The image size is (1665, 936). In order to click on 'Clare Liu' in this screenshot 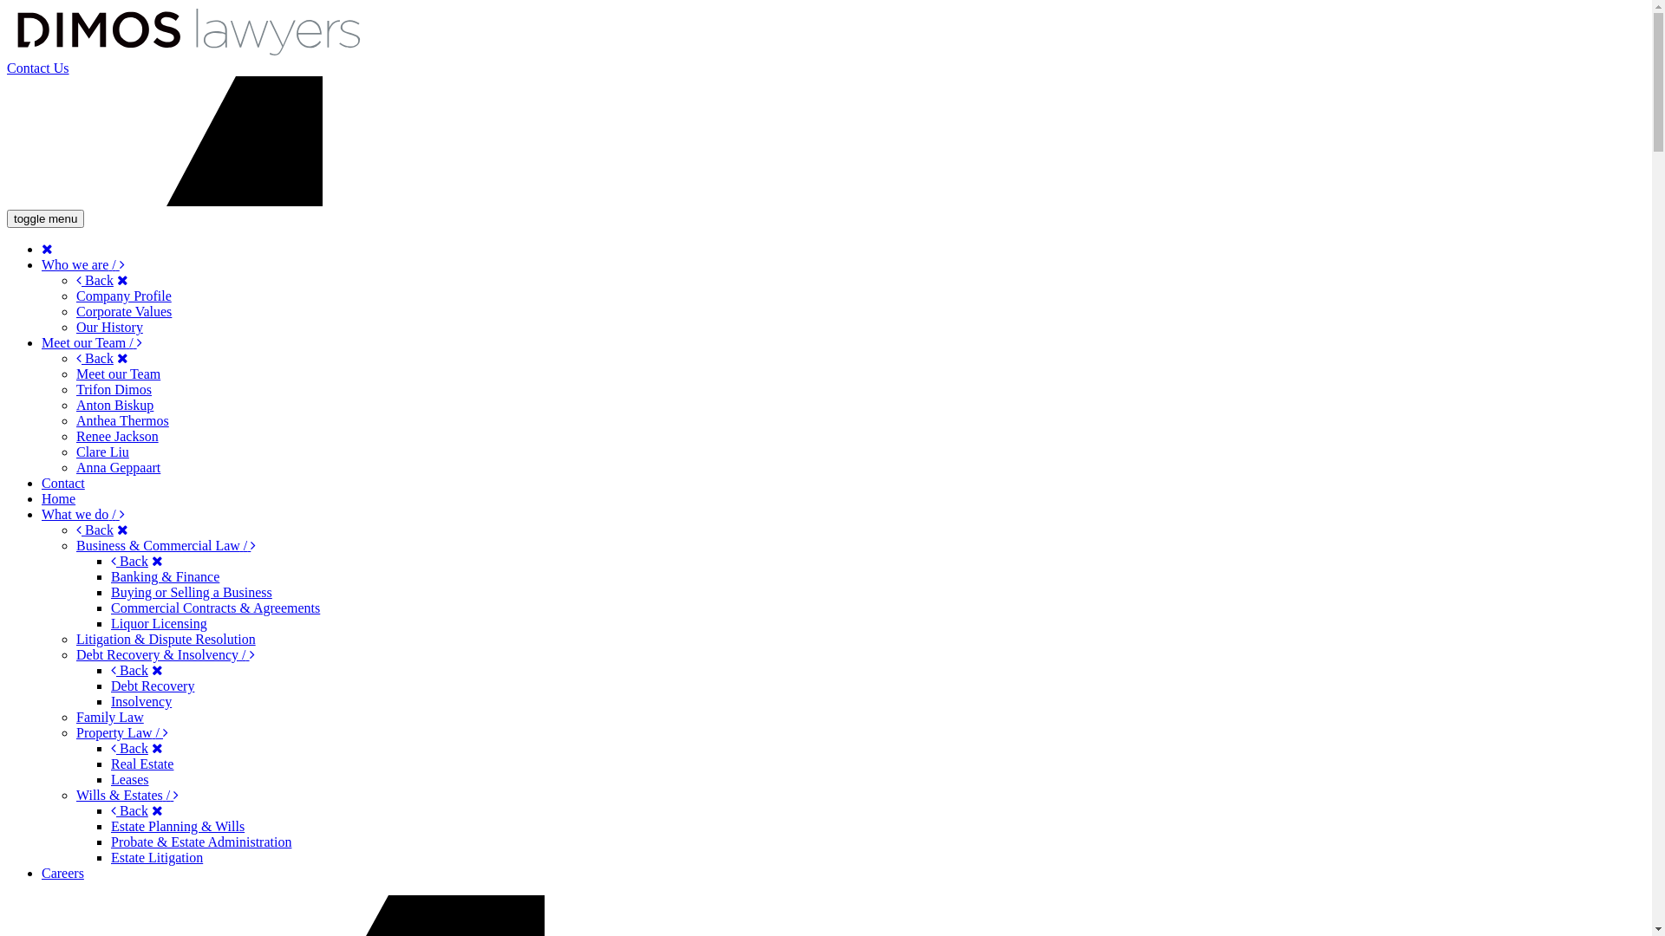, I will do `click(101, 451)`.